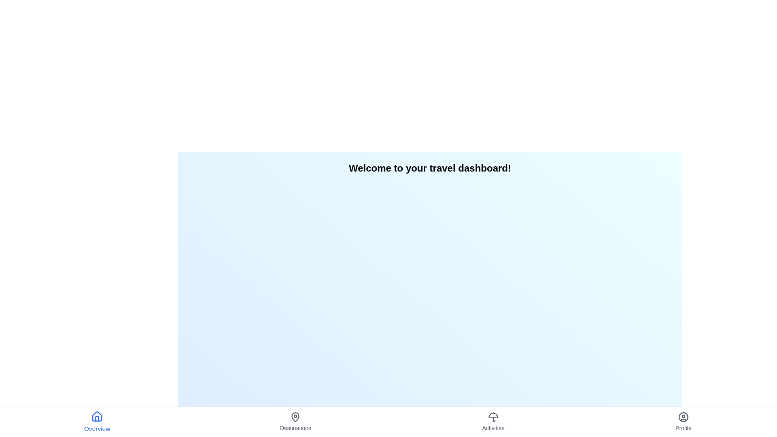  What do you see at coordinates (683, 427) in the screenshot?
I see `the Text label for the profile navigation item located in the bottom navigation bar, which is directly beneath the user profile icon` at bounding box center [683, 427].